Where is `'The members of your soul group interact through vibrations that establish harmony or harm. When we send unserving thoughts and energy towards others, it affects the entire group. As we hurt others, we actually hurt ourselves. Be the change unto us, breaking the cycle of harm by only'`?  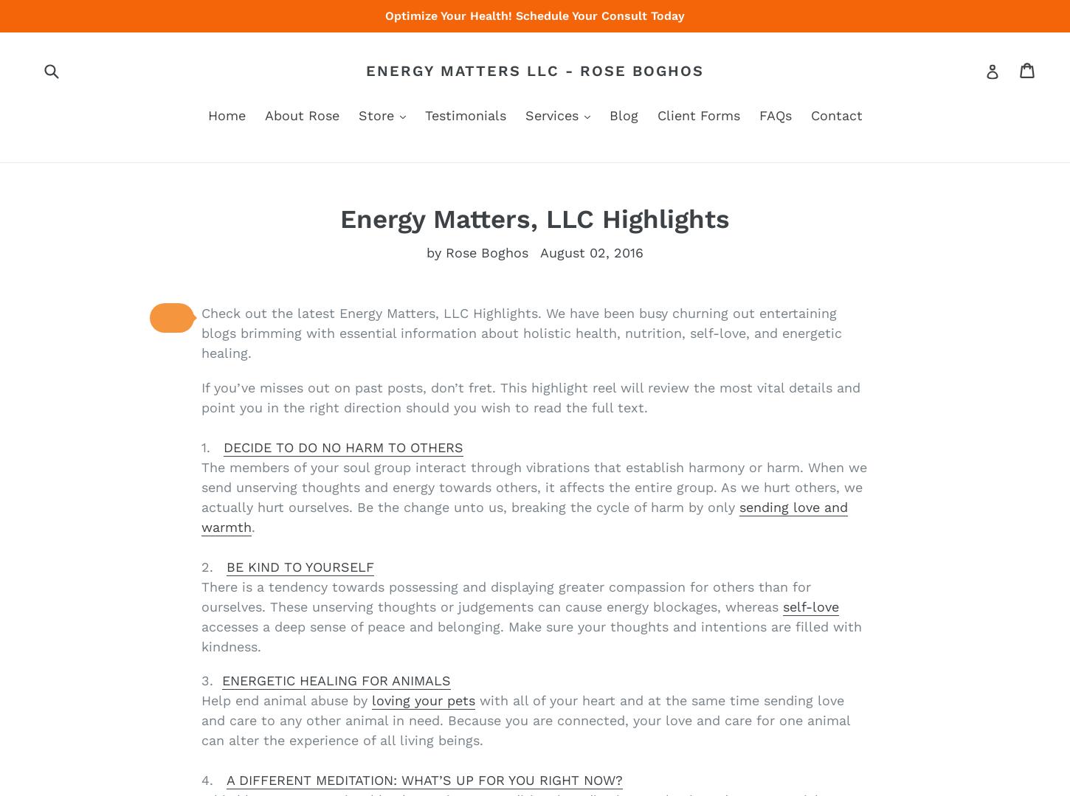
'The members of your soul group interact through vibrations that establish harmony or harm. When we send unserving thoughts and energy towards others, it affects the entire group. As we hurt others, we actually hurt ourselves. Be the change unto us, breaking the cycle of harm by only' is located at coordinates (533, 485).